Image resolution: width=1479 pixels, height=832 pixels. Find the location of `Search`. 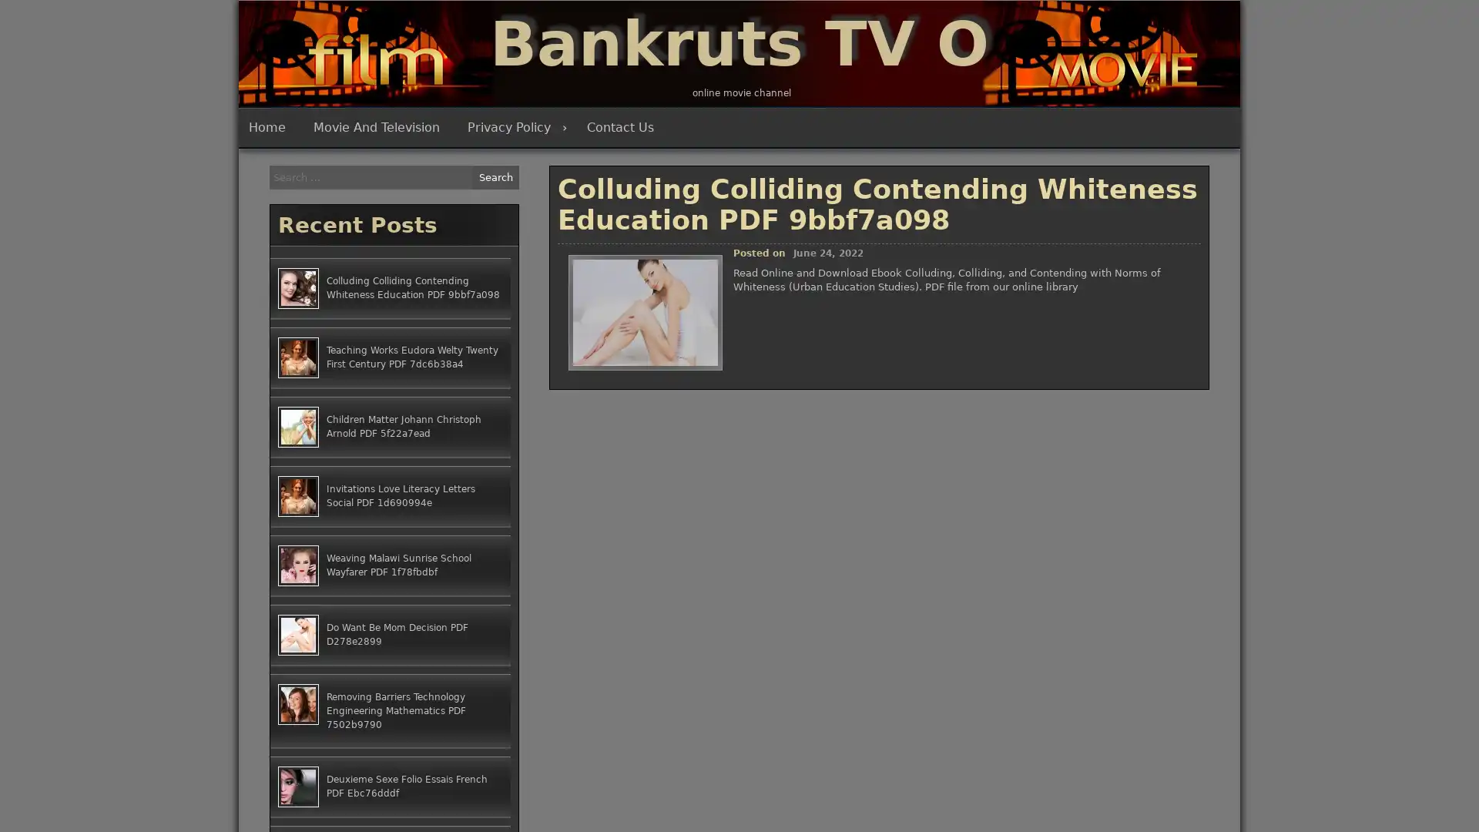

Search is located at coordinates (495, 176).